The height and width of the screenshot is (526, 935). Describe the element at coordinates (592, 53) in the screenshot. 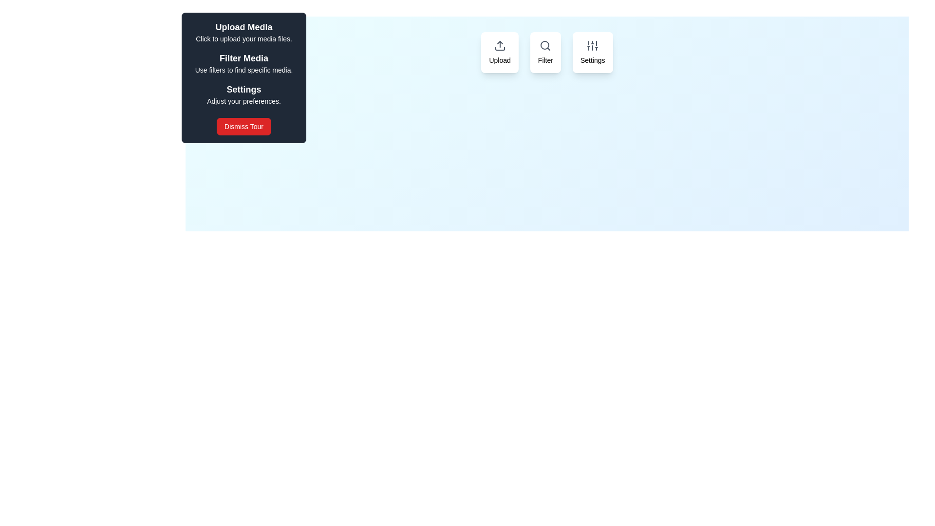

I see `the settings button, which is the third card in a horizontal row of three buttons` at that location.